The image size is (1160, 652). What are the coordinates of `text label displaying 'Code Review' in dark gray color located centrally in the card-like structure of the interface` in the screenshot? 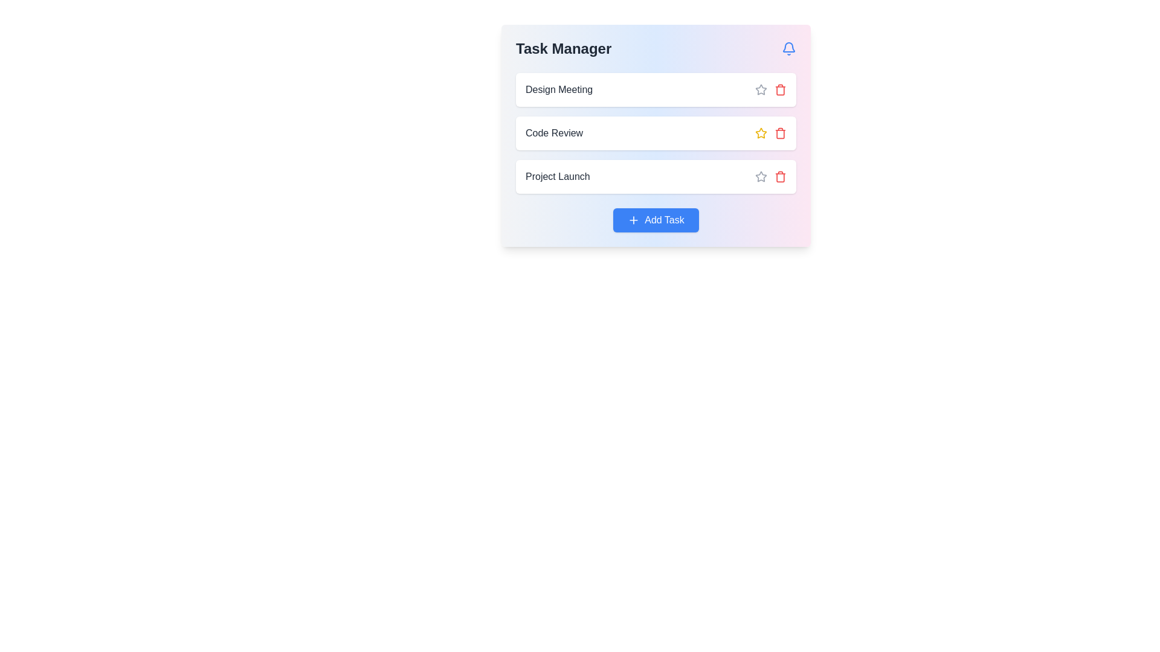 It's located at (553, 133).